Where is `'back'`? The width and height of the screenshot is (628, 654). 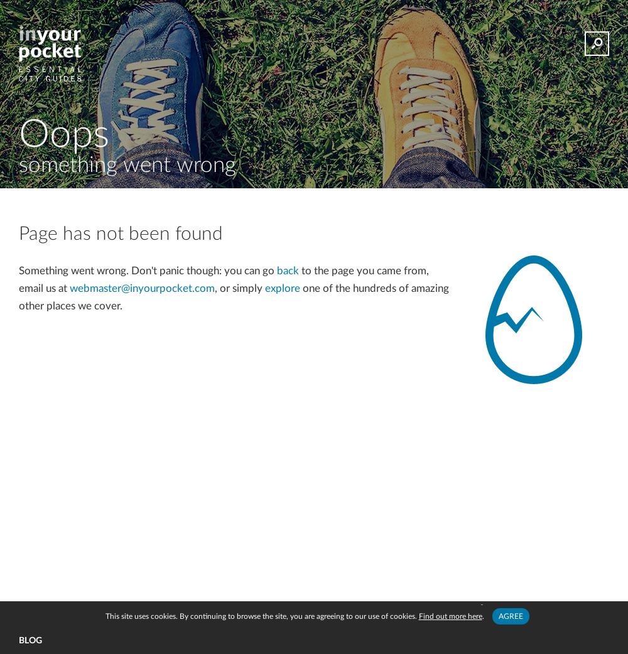 'back' is located at coordinates (287, 270).